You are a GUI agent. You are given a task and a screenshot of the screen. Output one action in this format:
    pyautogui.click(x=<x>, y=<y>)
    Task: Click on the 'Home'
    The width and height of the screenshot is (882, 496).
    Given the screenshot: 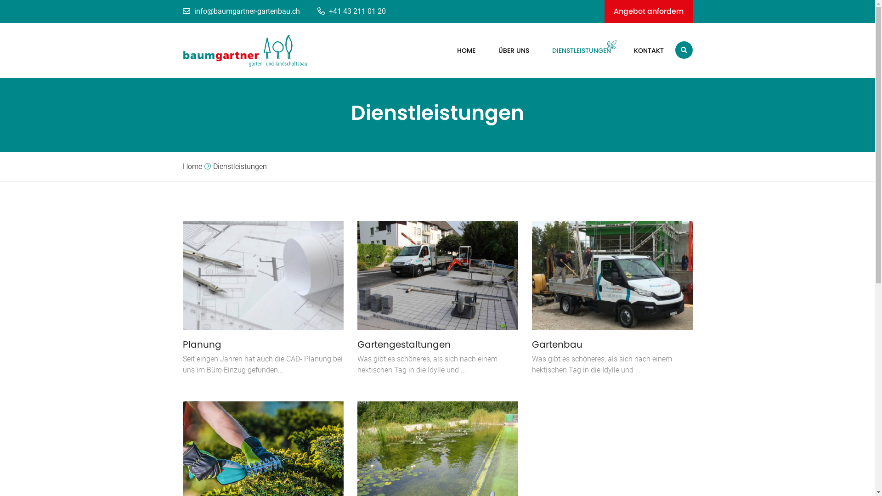 What is the action you would take?
    pyautogui.click(x=192, y=166)
    